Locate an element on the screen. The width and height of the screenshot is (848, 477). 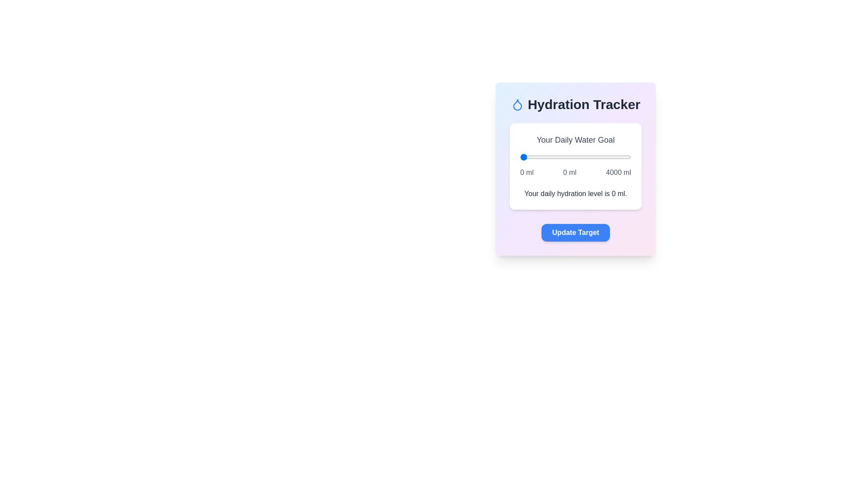
the 'Update Target' button is located at coordinates (575, 232).